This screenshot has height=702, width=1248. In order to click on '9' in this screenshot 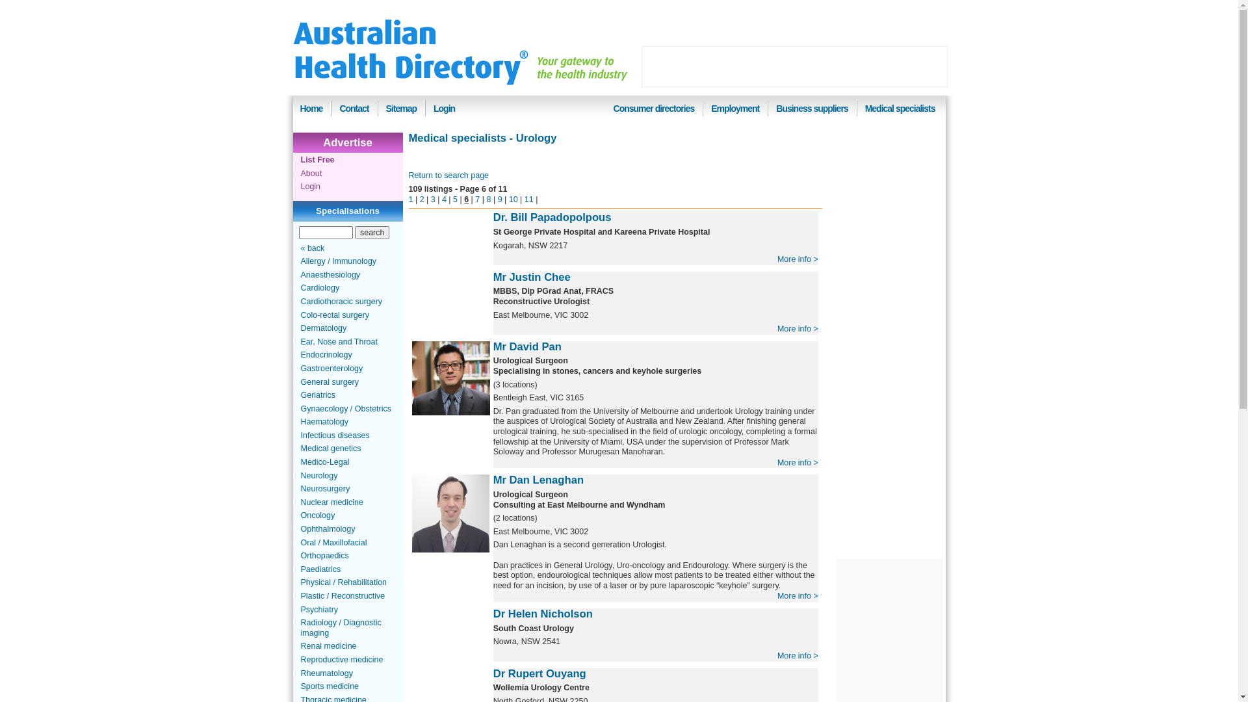, I will do `click(499, 200)`.